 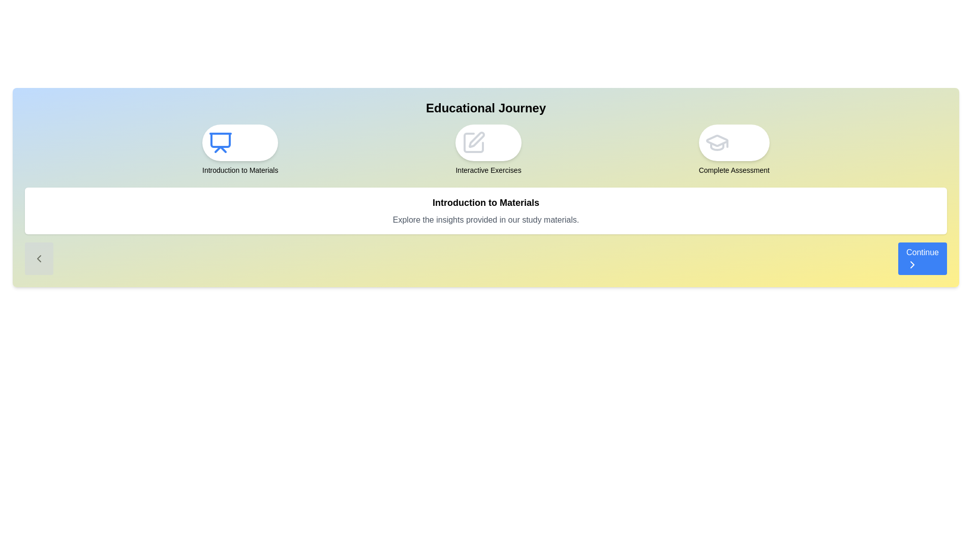 I want to click on the milestone icon corresponding to Complete Assessment for visual inspection, so click(x=734, y=143).